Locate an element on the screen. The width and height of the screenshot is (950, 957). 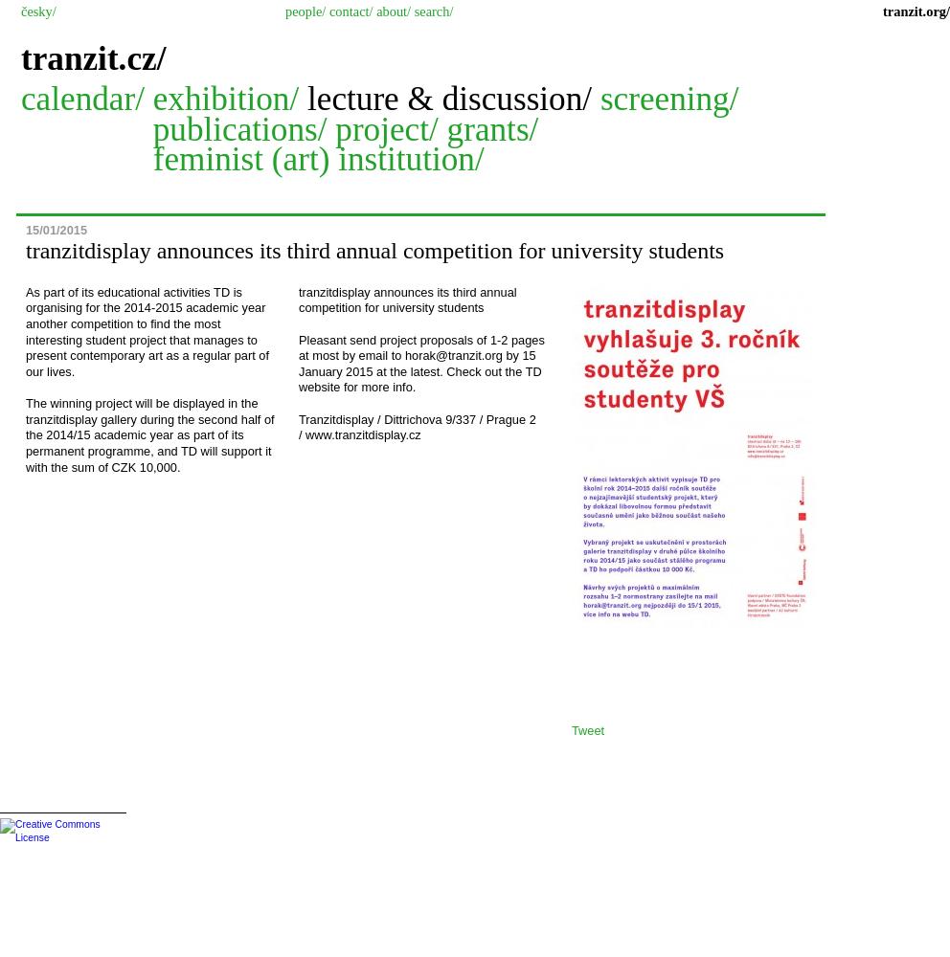
'The winning project will be displayed in the tranzitdisplay gallery during the second half of the 2014/15 academic year as part of its permanent programme, and TD will support it with the sum of CZK 10,000.' is located at coordinates (149, 434).